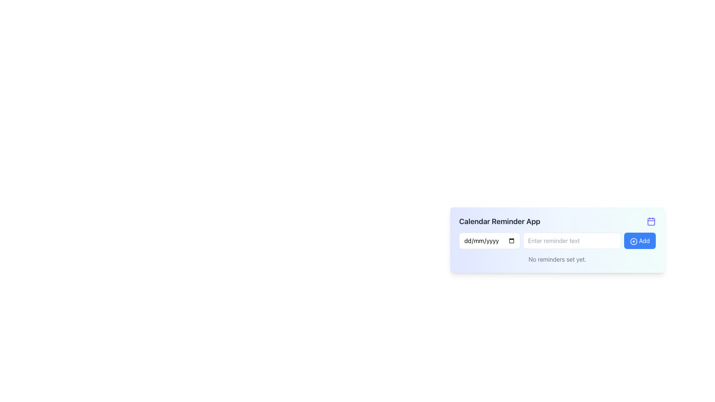 The height and width of the screenshot is (402, 715). Describe the element at coordinates (633, 241) in the screenshot. I see `the 'Add' button which contains the icon decoration located in the top-right side of a card-like interface` at that location.